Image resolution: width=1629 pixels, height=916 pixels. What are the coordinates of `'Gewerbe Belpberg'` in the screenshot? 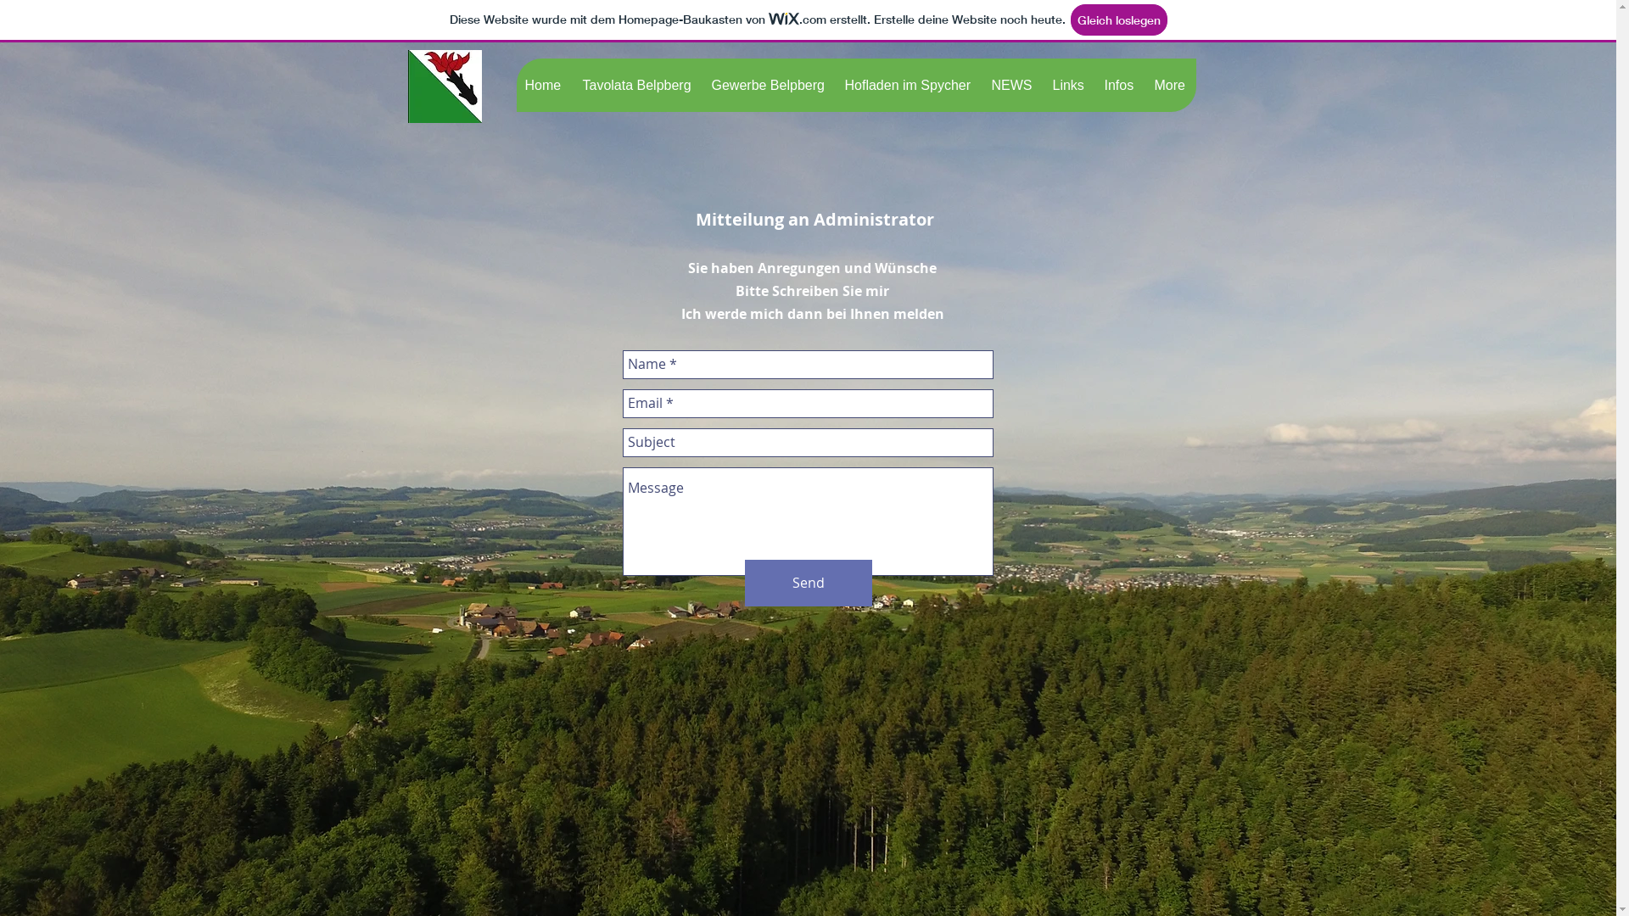 It's located at (703, 85).